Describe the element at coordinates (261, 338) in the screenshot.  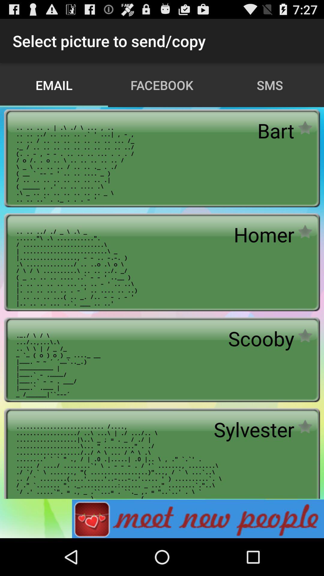
I see `the app above _ _ 0` at that location.